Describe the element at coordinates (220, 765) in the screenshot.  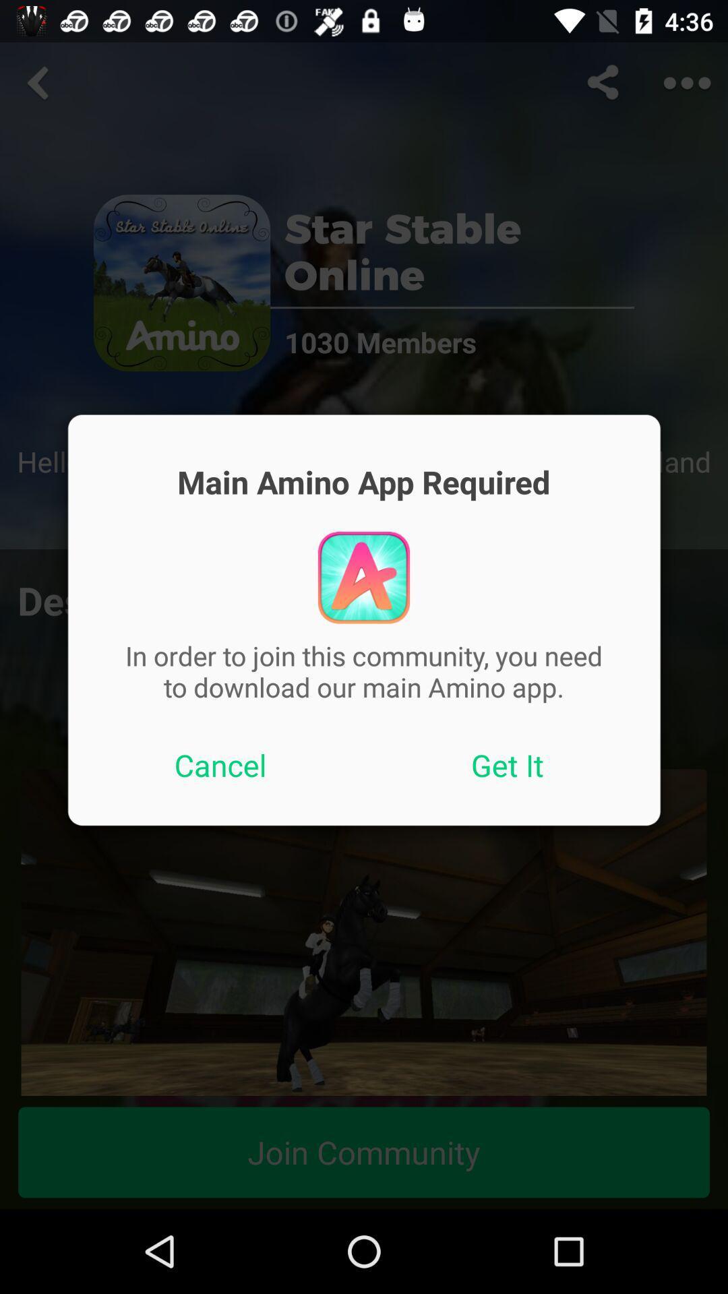
I see `the cancel item` at that location.